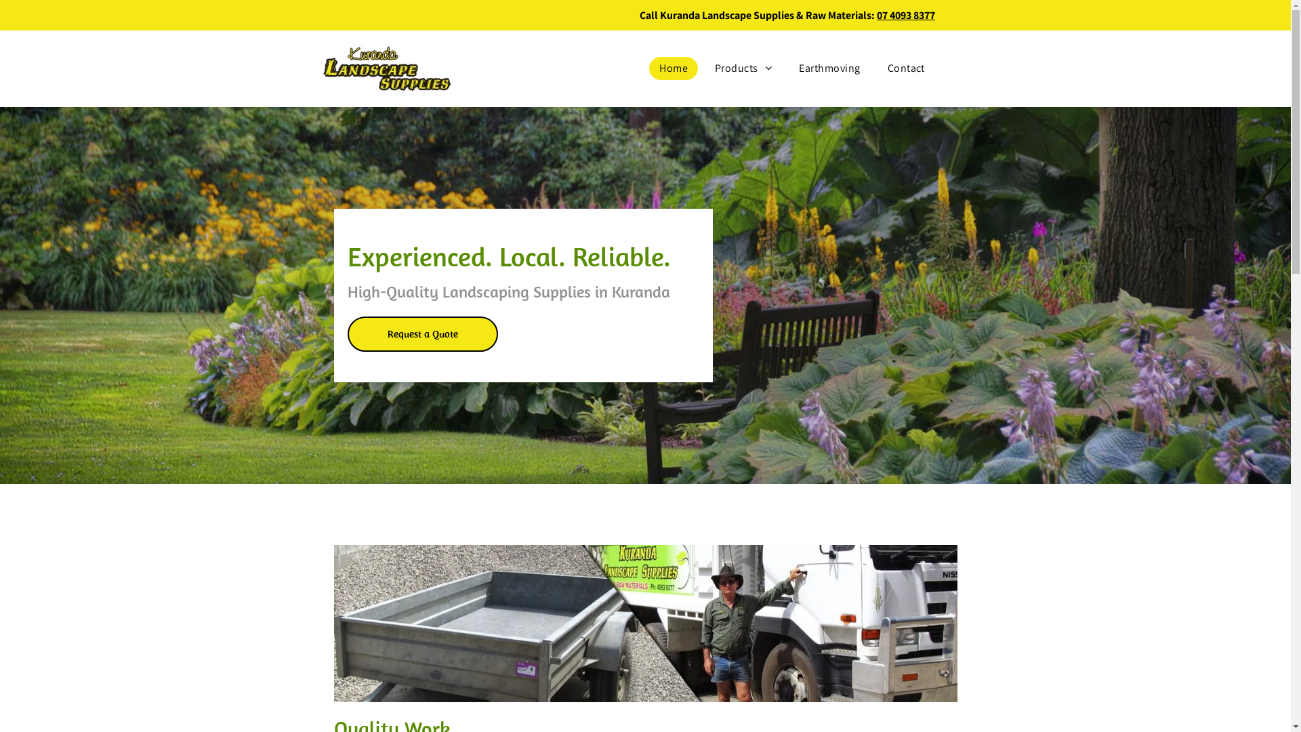  What do you see at coordinates (421, 334) in the screenshot?
I see `'Request a Quote'` at bounding box center [421, 334].